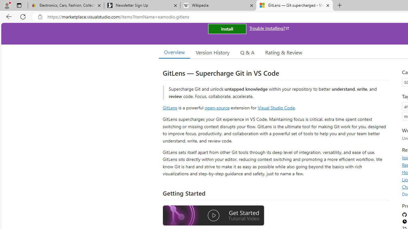  I want to click on 'Visual Studio Code', so click(276, 107).